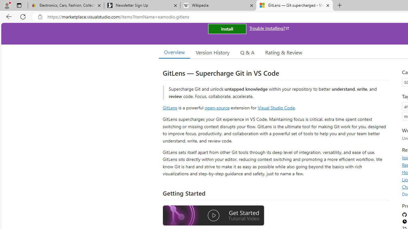  I want to click on 'Visual Studio Code', so click(276, 107).